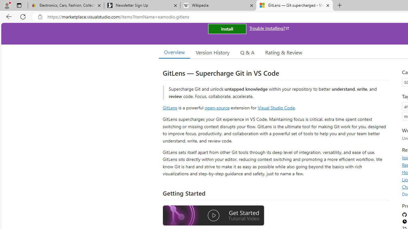  I want to click on 'Visual Studio Code', so click(276, 107).